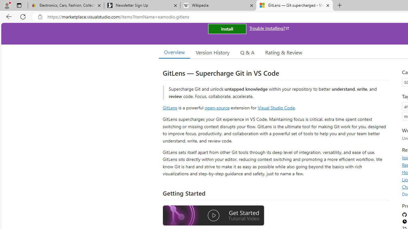  I want to click on 'Visual Studio Code', so click(276, 107).